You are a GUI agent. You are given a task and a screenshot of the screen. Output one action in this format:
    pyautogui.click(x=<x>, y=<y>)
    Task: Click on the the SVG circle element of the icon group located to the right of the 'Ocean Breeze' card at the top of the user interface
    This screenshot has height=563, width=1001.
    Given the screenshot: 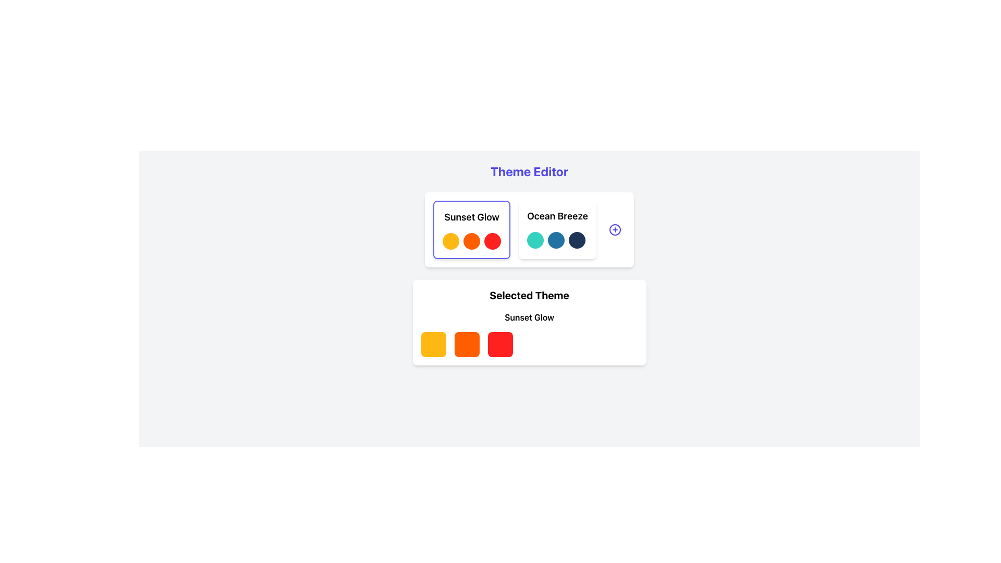 What is the action you would take?
    pyautogui.click(x=615, y=229)
    